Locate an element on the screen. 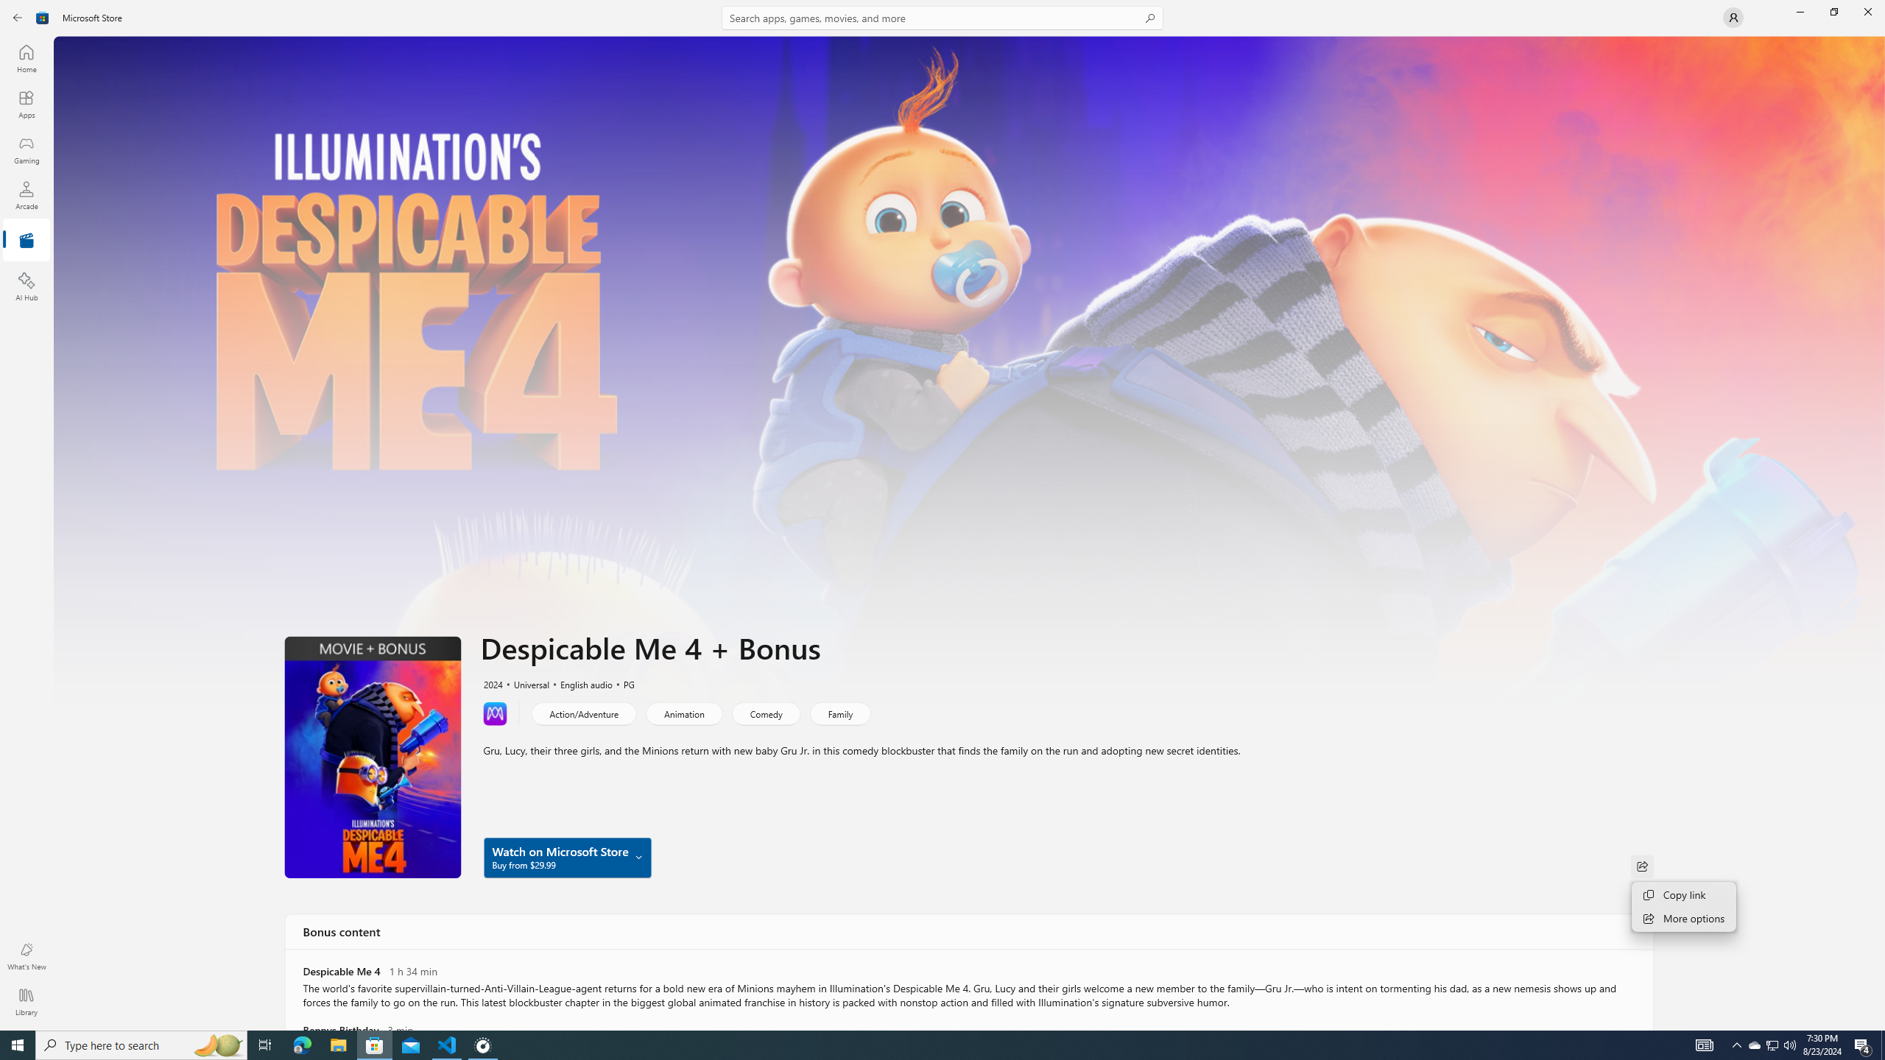  'Share' is located at coordinates (1641, 865).